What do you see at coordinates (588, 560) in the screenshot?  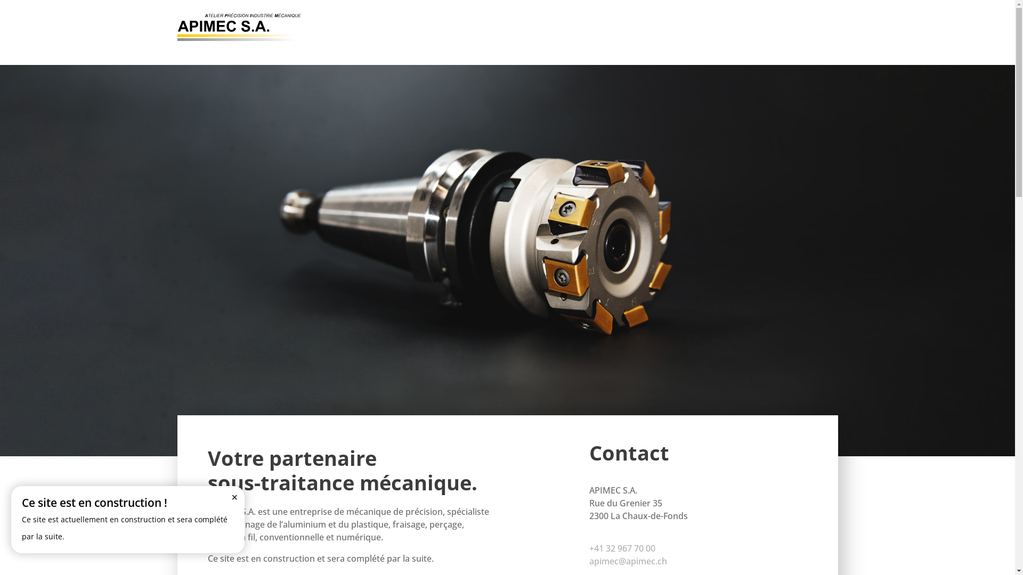 I see `'apimec@apimec.ch'` at bounding box center [588, 560].